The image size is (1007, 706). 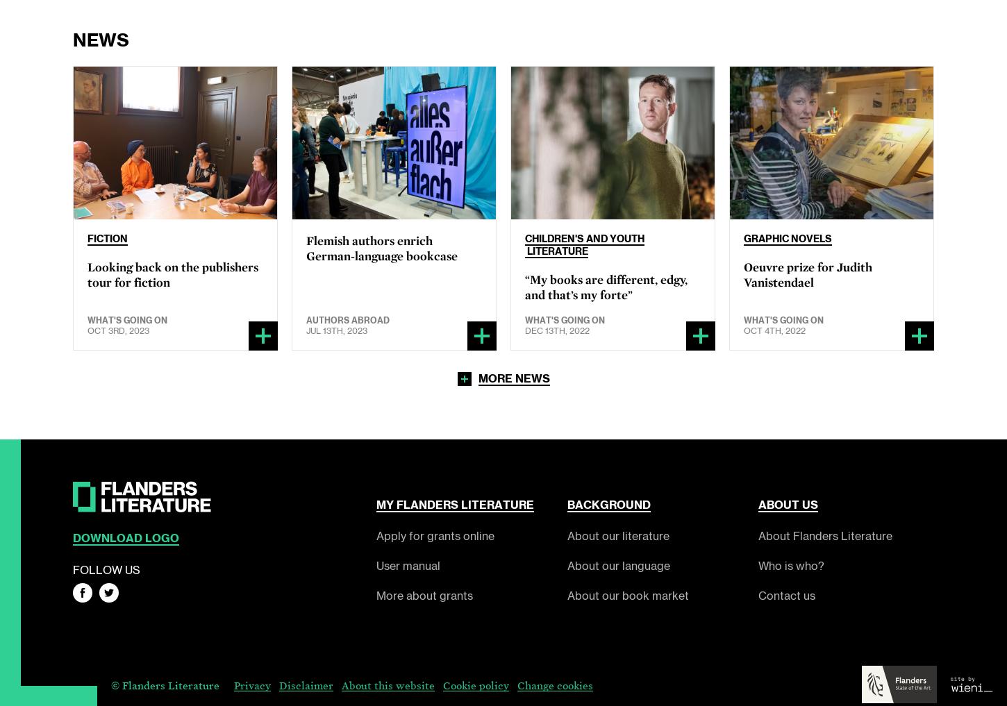 What do you see at coordinates (555, 684) in the screenshot?
I see `'Change cookies'` at bounding box center [555, 684].